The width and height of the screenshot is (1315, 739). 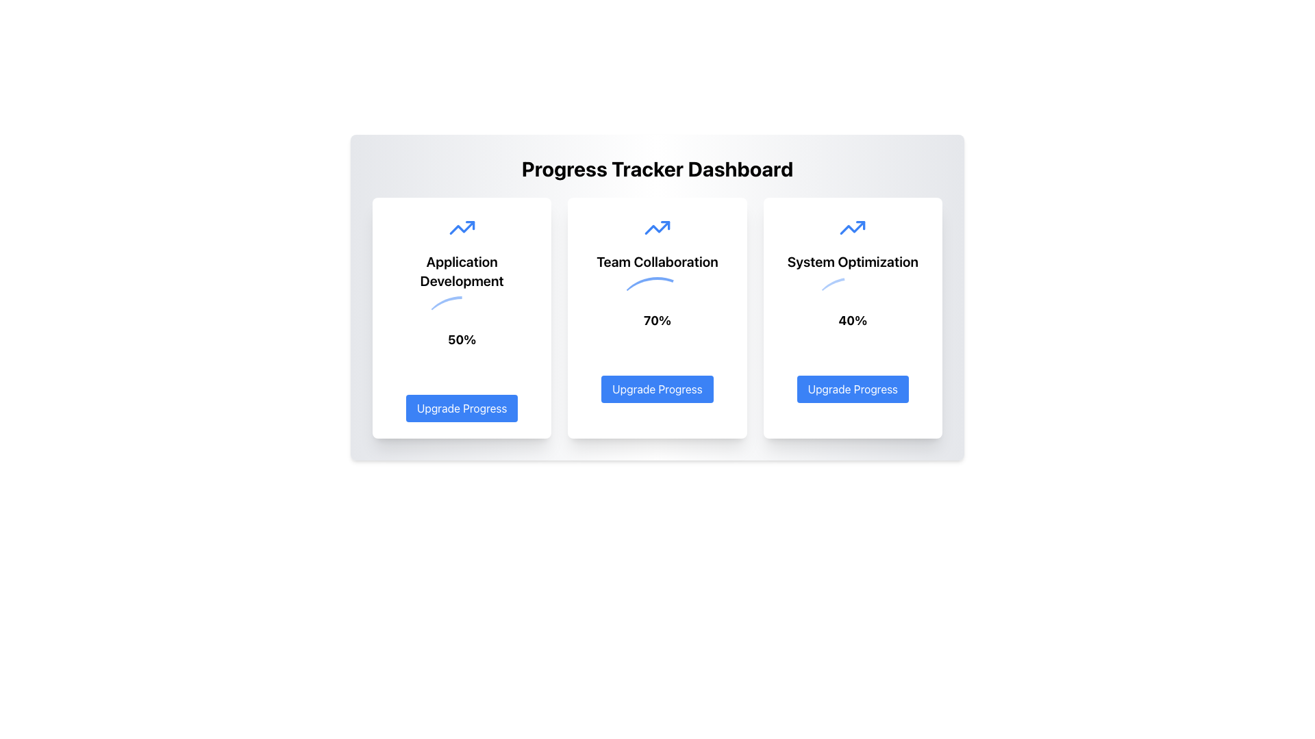 What do you see at coordinates (462, 408) in the screenshot?
I see `the 'Upgrade' button located at the bottom of the leftmost white card in the row of three cards to initiate the upgrade process for the 'Application Development' section` at bounding box center [462, 408].